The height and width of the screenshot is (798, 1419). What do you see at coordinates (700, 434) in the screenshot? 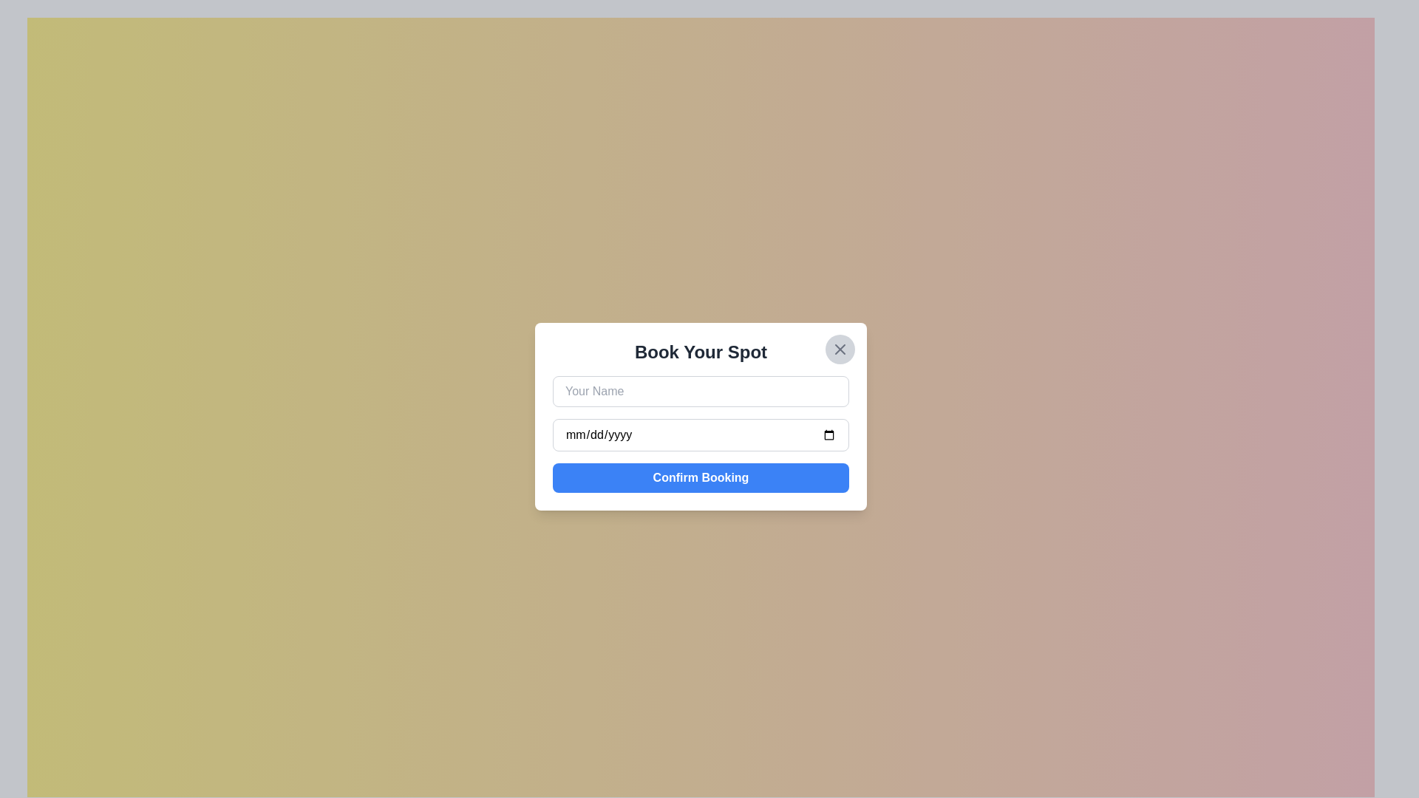
I see `the date input field to open the date picker` at bounding box center [700, 434].